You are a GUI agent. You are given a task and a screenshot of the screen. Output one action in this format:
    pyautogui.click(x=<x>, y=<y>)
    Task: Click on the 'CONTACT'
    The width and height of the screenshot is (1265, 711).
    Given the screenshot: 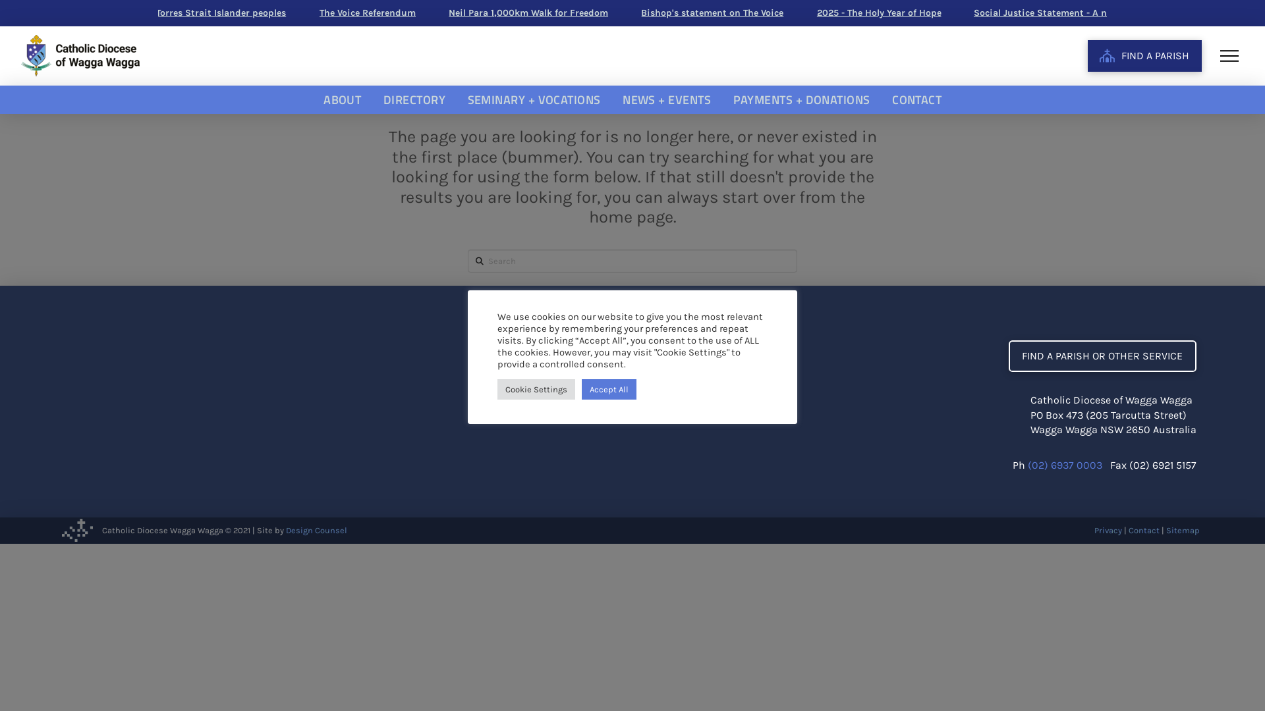 What is the action you would take?
    pyautogui.click(x=916, y=99)
    